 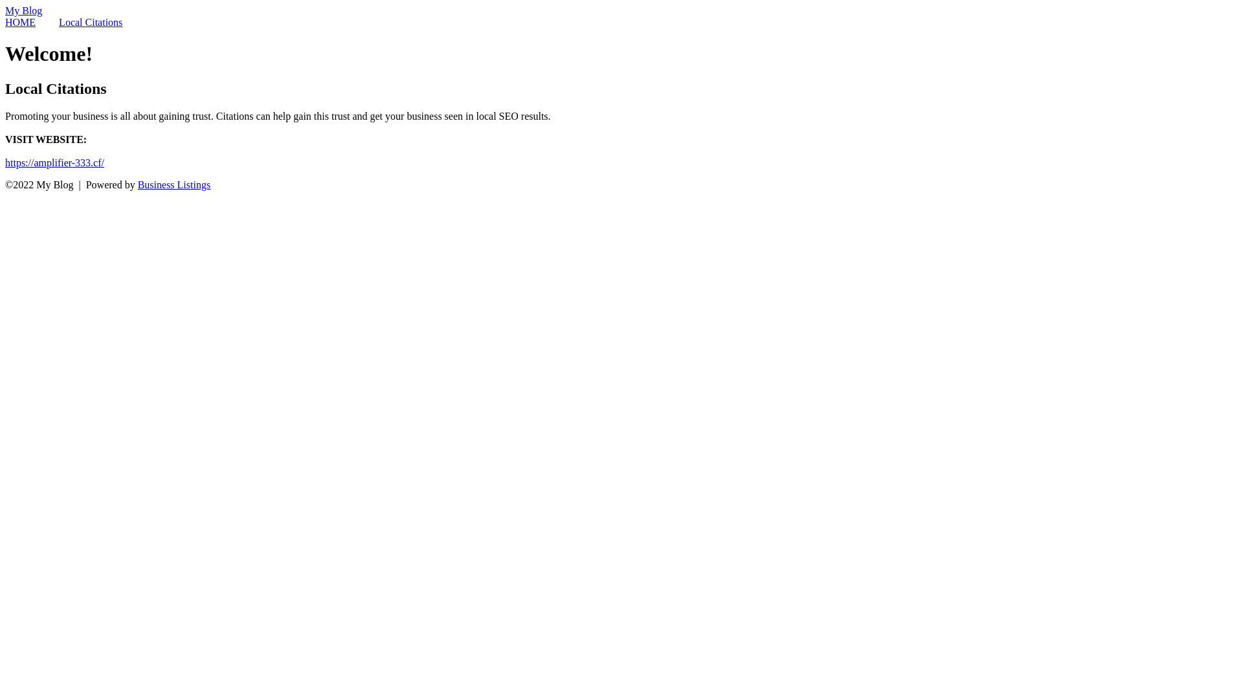 What do you see at coordinates (20, 22) in the screenshot?
I see `'HOME'` at bounding box center [20, 22].